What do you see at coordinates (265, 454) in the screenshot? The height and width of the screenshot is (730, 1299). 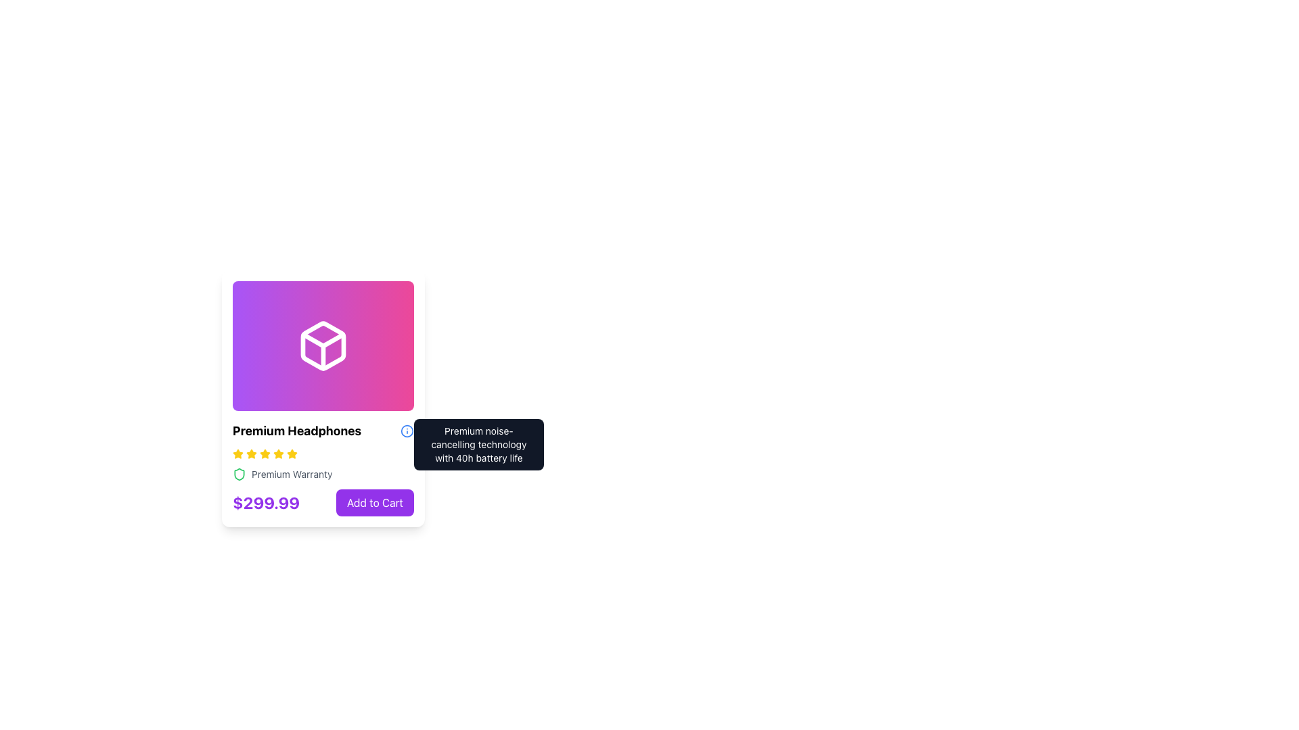 I see `the fourth yellow filled star icon in the rating system under the 'Premium Headphones' product title` at bounding box center [265, 454].